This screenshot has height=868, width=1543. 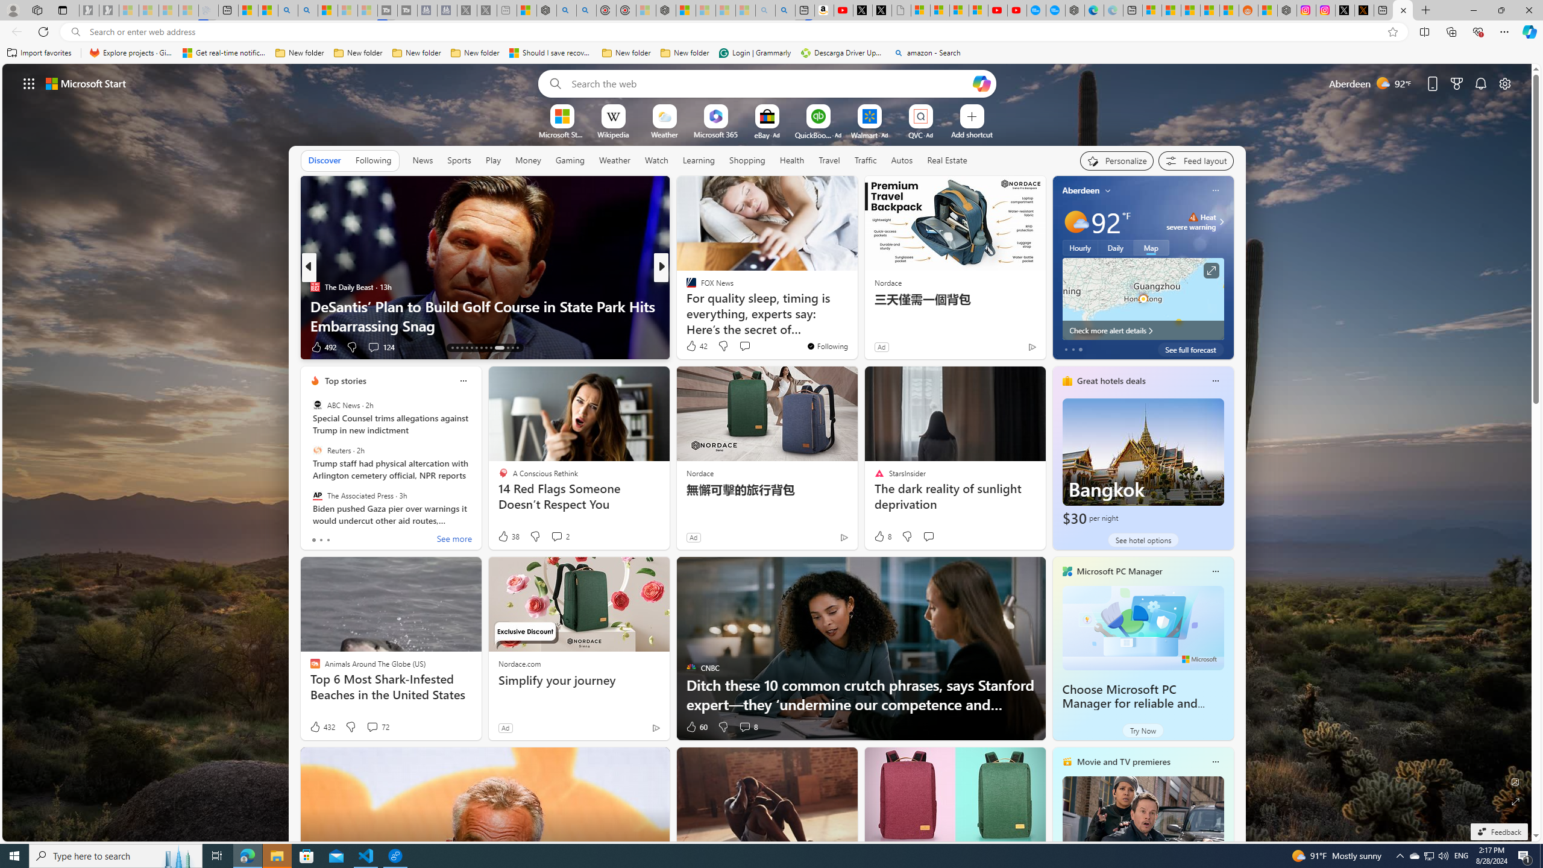 What do you see at coordinates (462, 348) in the screenshot?
I see `'AutomationID: tab-15'` at bounding box center [462, 348].